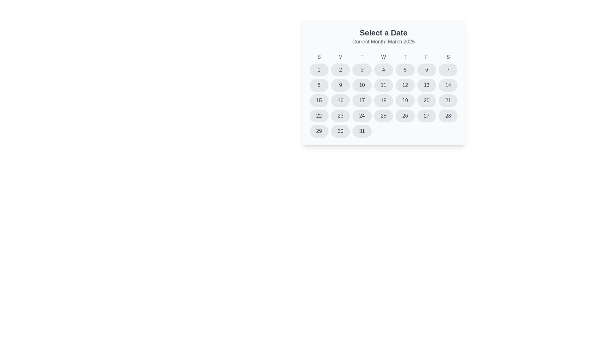  I want to click on the circular button with a light gray background and the number '20' centered in black text, so click(427, 101).